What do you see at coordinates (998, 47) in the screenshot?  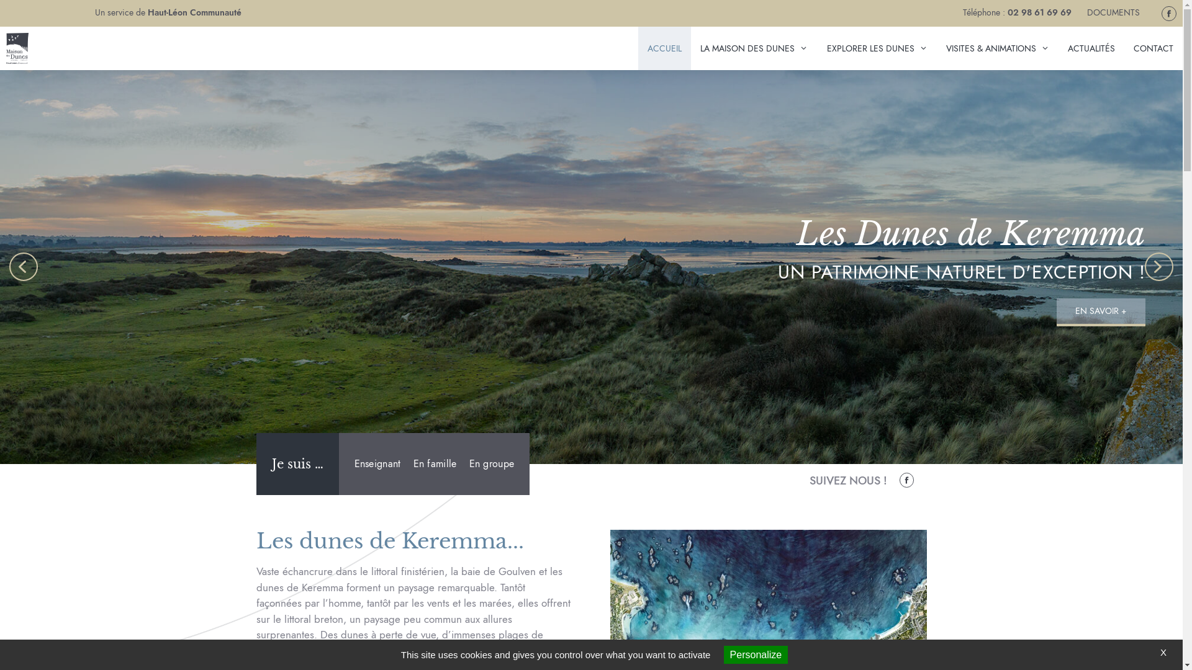 I see `'VISITES & ANIMATIONS'` at bounding box center [998, 47].